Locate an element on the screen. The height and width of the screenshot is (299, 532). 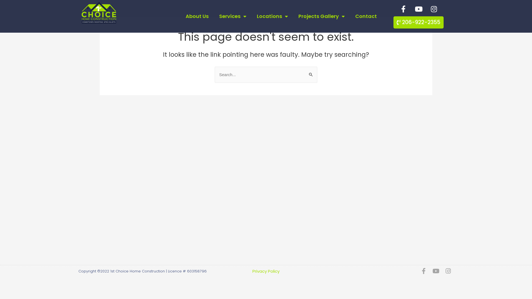
'206-922-2355' is located at coordinates (418, 22).